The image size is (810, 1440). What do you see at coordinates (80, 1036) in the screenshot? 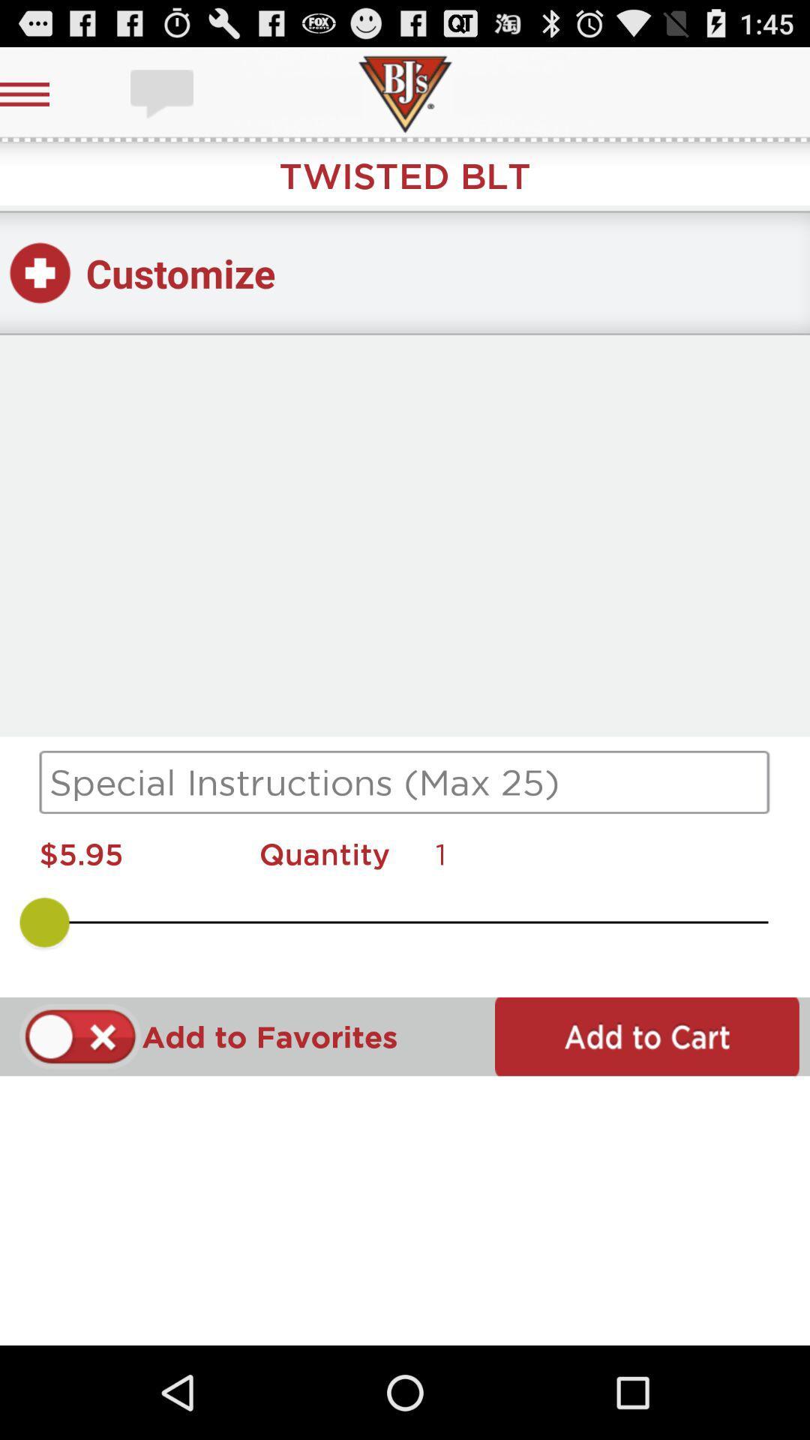
I see `close botten` at bounding box center [80, 1036].